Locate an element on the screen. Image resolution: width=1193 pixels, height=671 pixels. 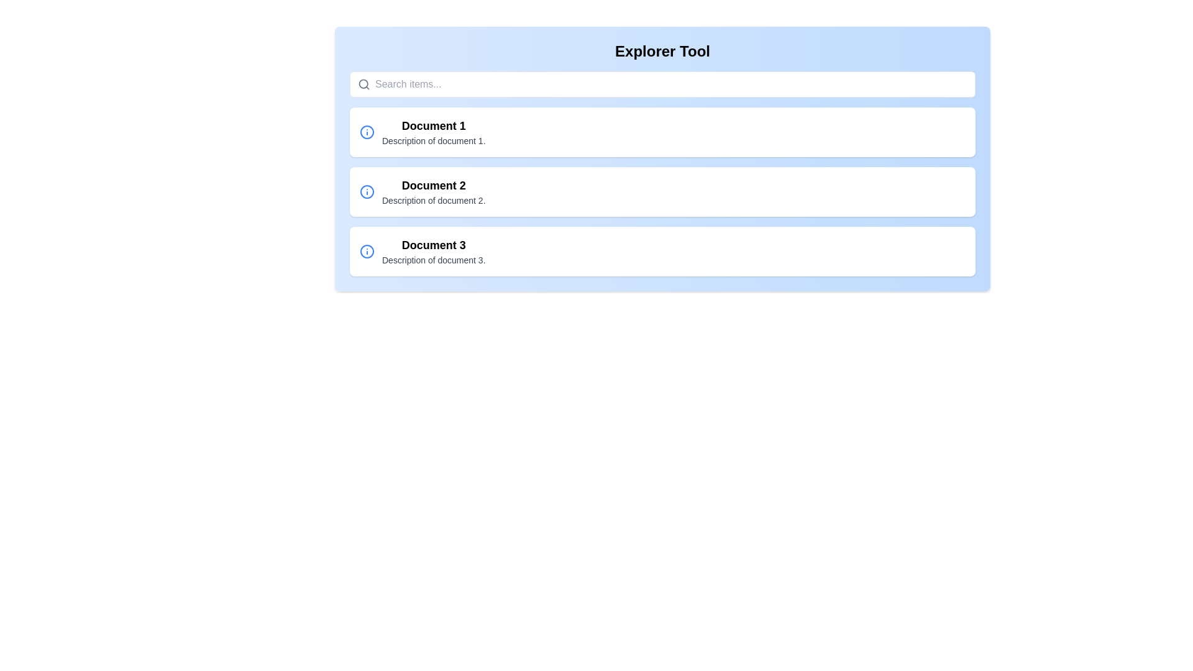
the static text label that contains the text 'Description of document 2.', which is styled in light grey and positioned below the title 'Document 2' in the Explorer Tool panel is located at coordinates (434, 200).